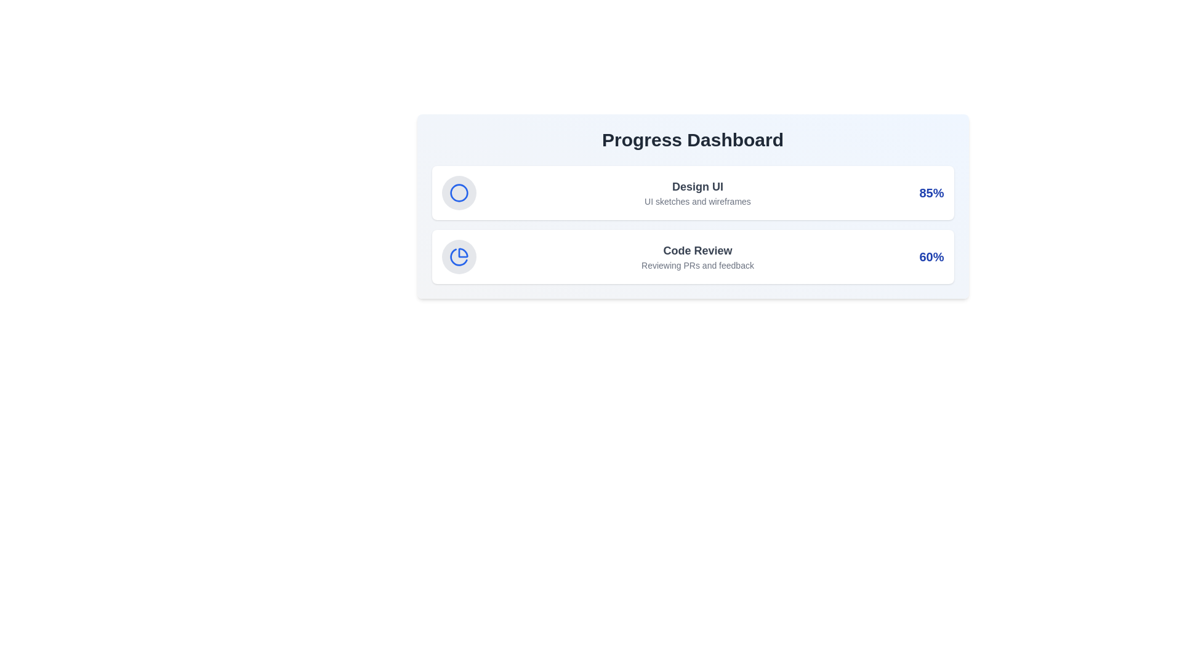  Describe the element at coordinates (458, 192) in the screenshot. I see `the solid circle within the SVG icon, which is part of the 'Progress Dashboard' section next to 'Design UI'` at that location.